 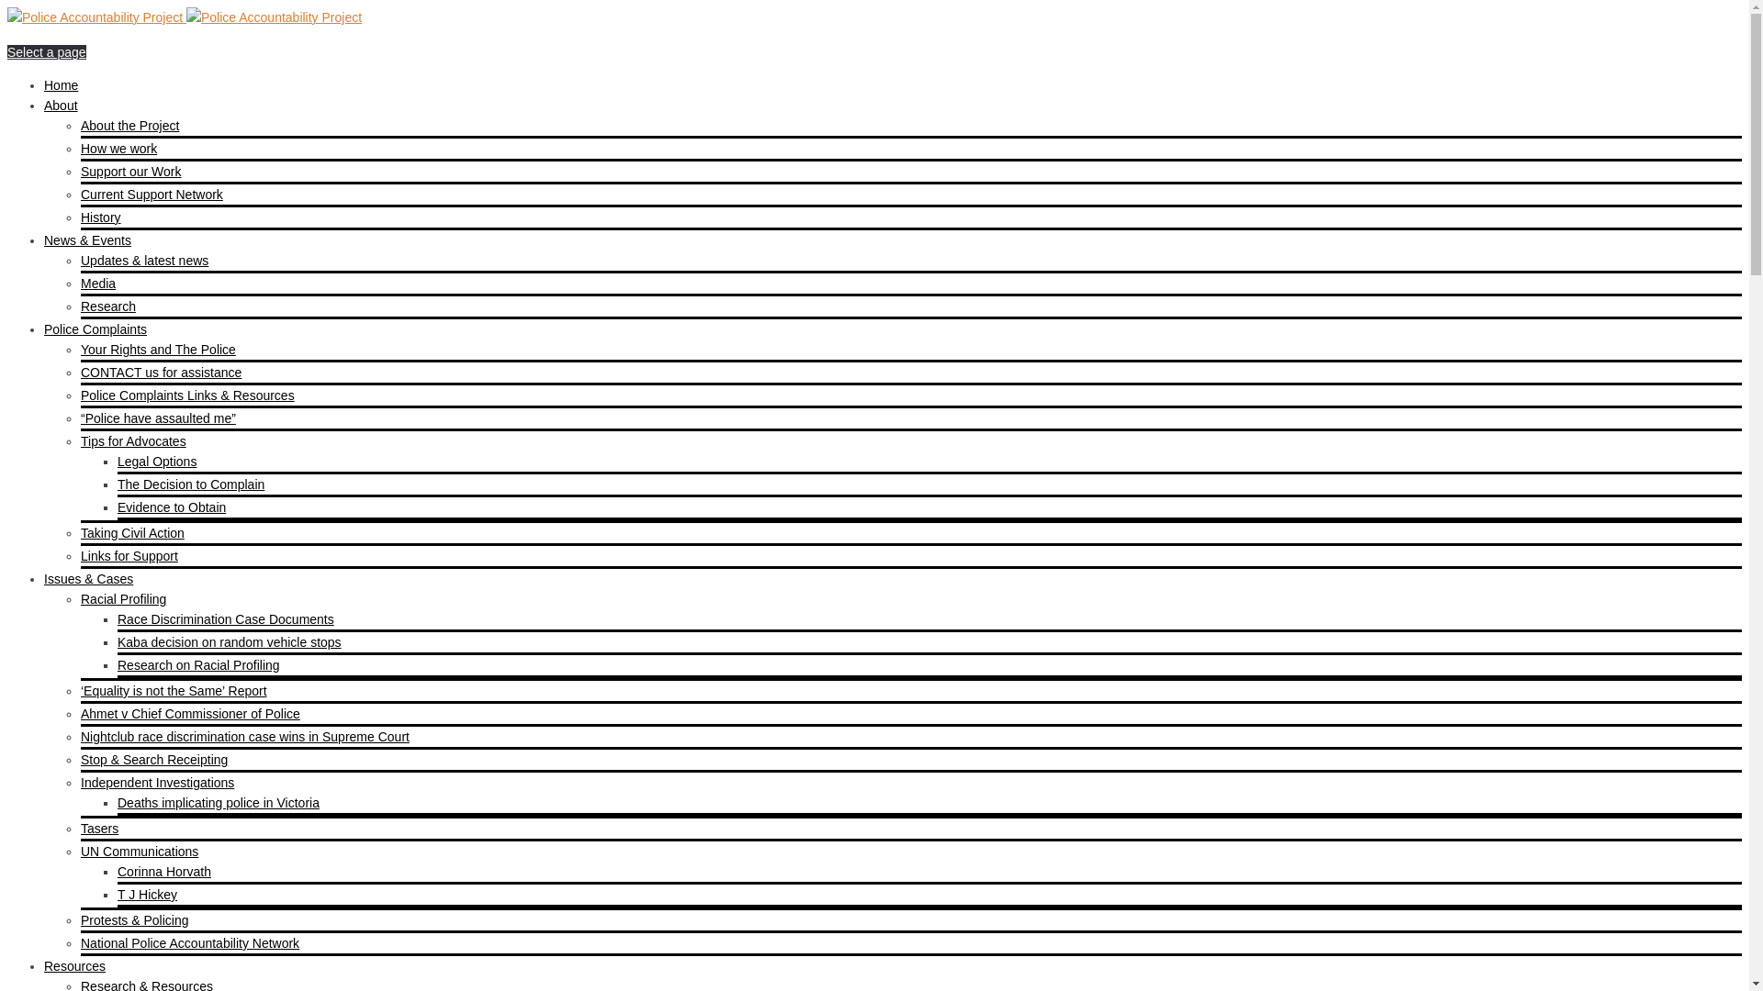 What do you see at coordinates (61, 106) in the screenshot?
I see `'About'` at bounding box center [61, 106].